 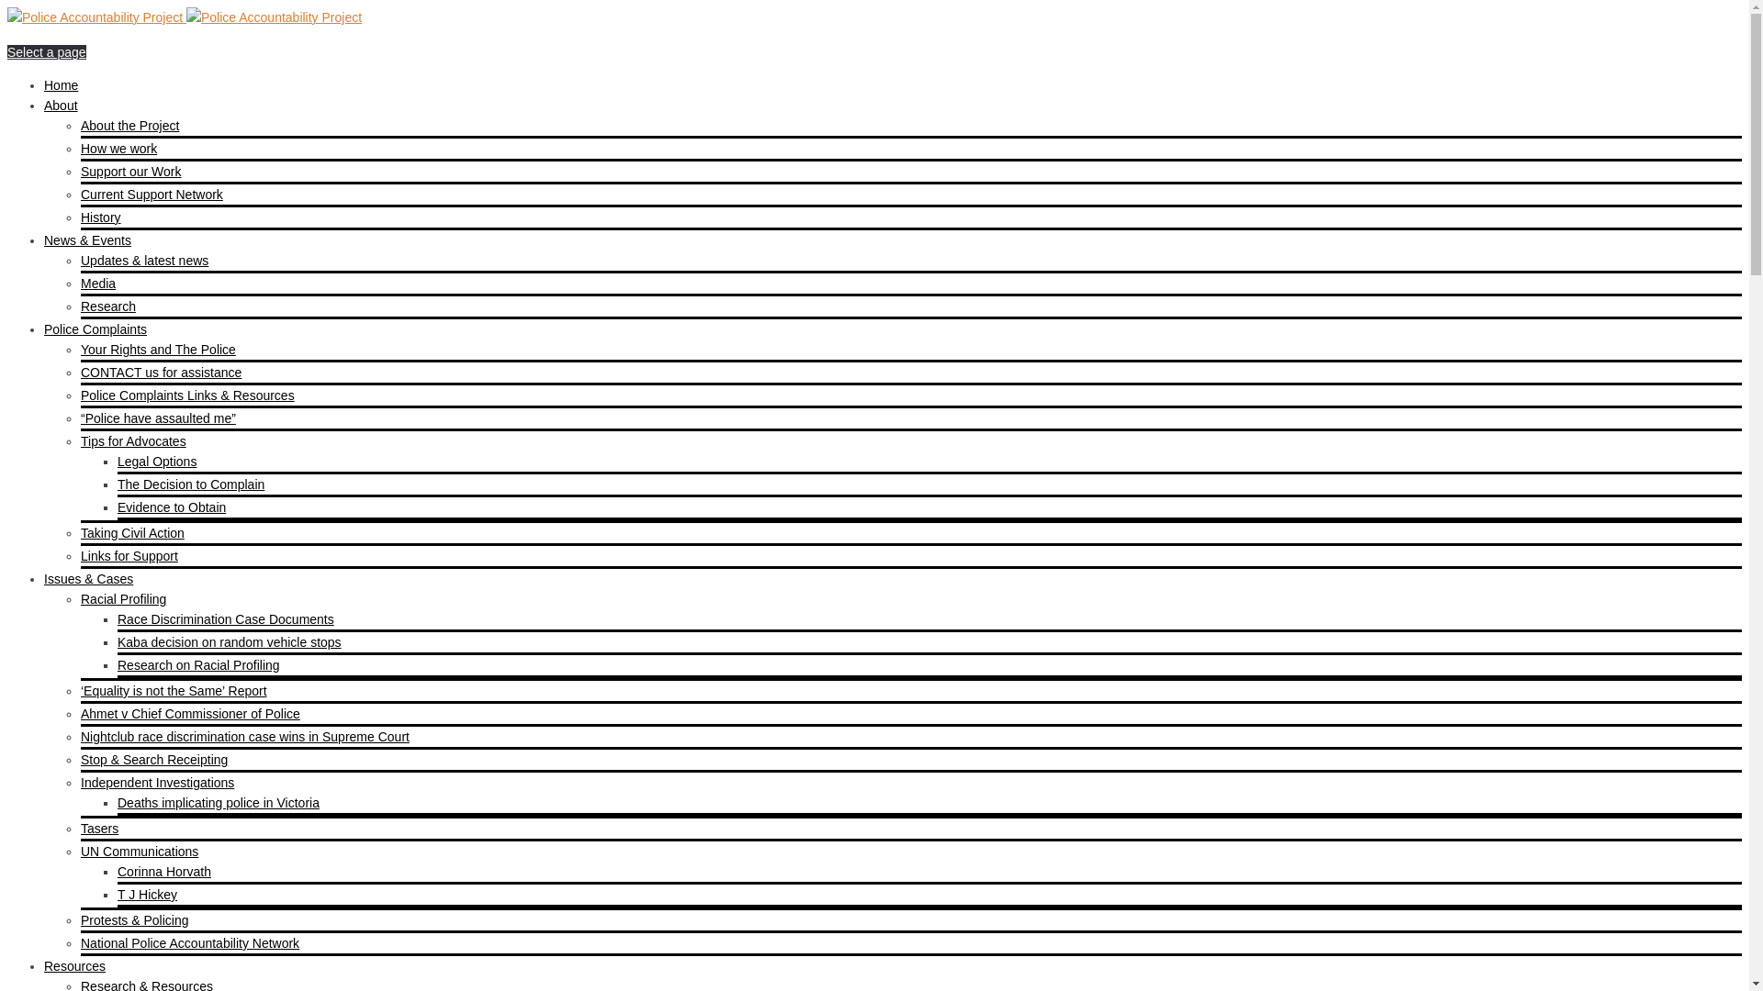 What do you see at coordinates (61, 106) in the screenshot?
I see `'About'` at bounding box center [61, 106].